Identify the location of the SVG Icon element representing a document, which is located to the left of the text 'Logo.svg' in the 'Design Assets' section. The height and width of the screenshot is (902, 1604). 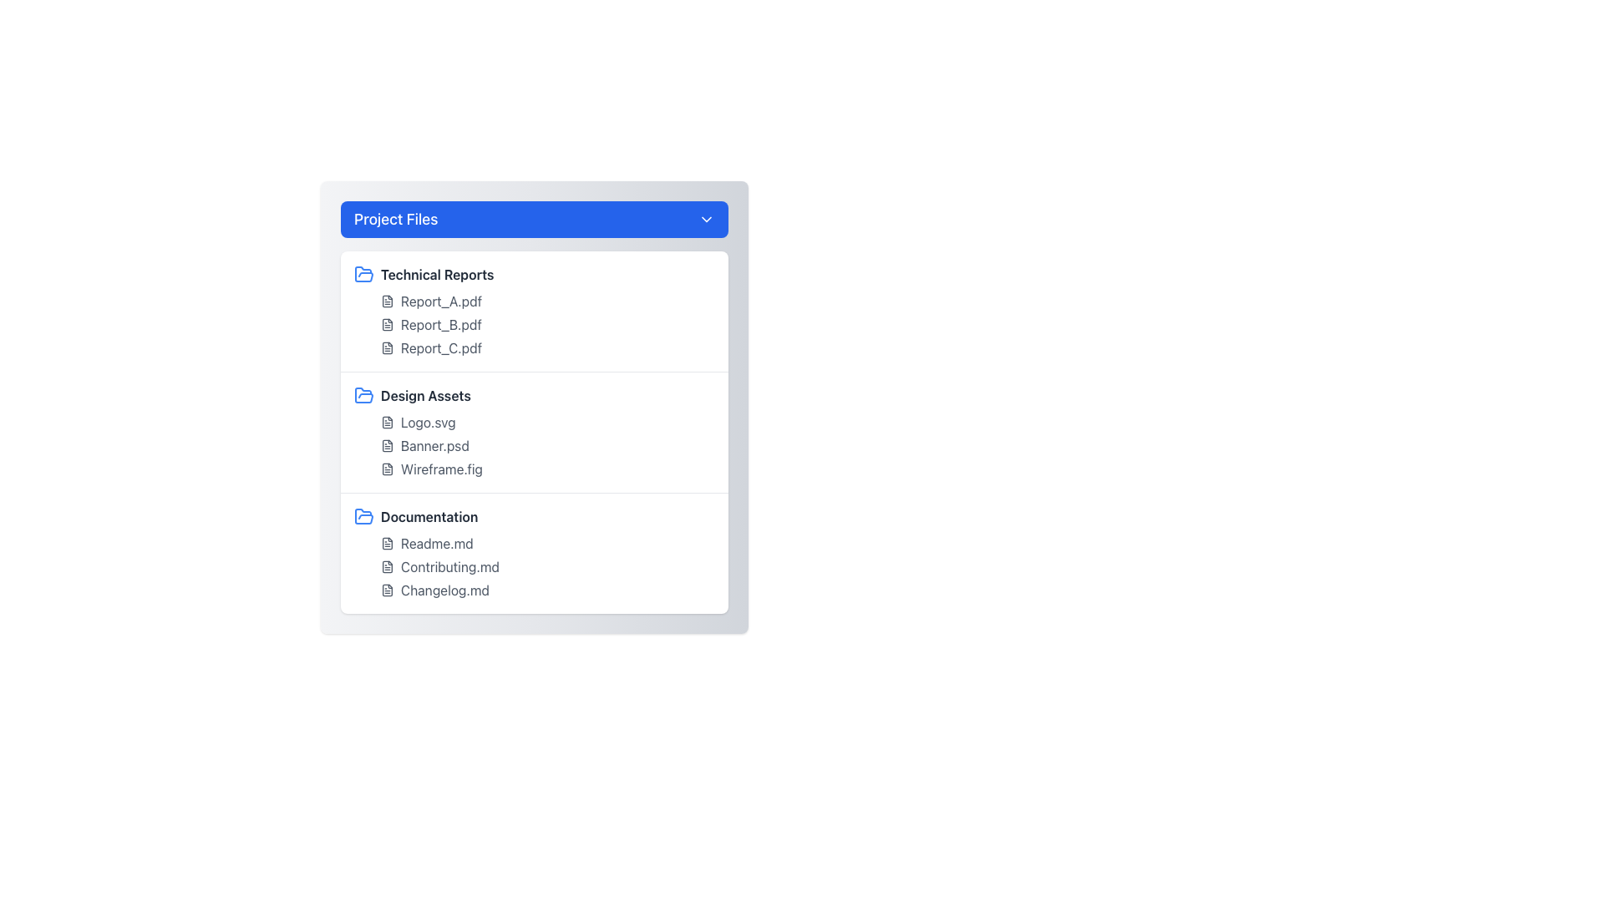
(387, 421).